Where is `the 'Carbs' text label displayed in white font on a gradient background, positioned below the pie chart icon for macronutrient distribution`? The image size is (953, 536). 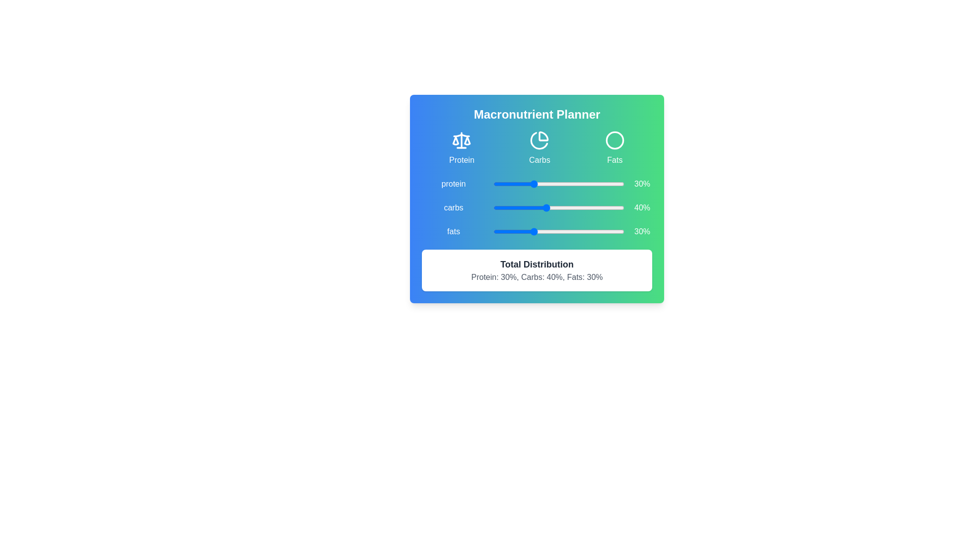
the 'Carbs' text label displayed in white font on a gradient background, positioned below the pie chart icon for macronutrient distribution is located at coordinates (539, 159).